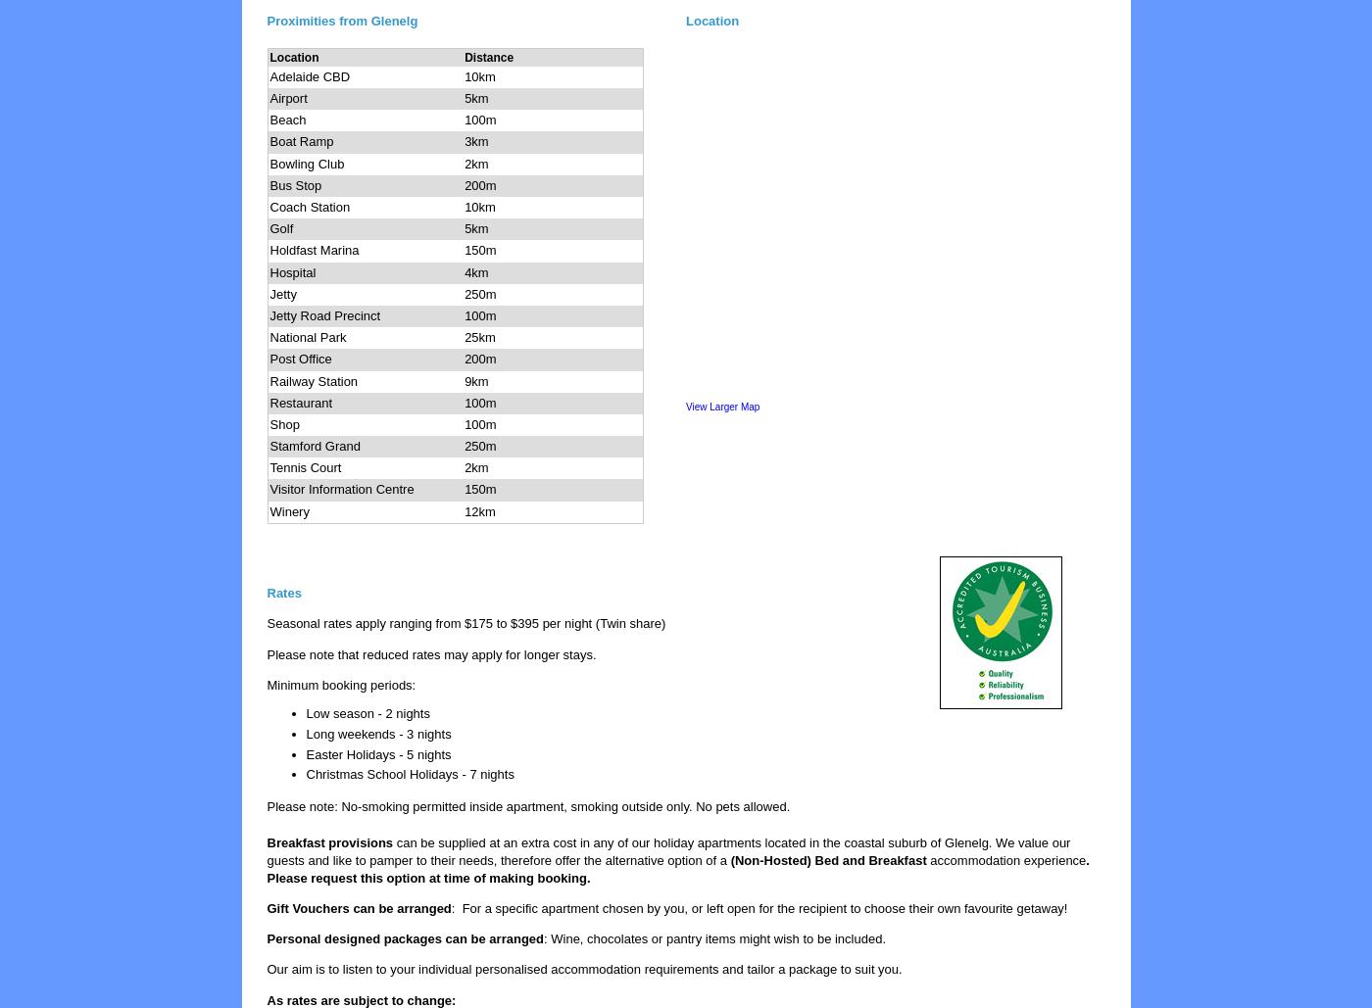 This screenshot has height=1008, width=1372. Describe the element at coordinates (479, 337) in the screenshot. I see `'25km'` at that location.